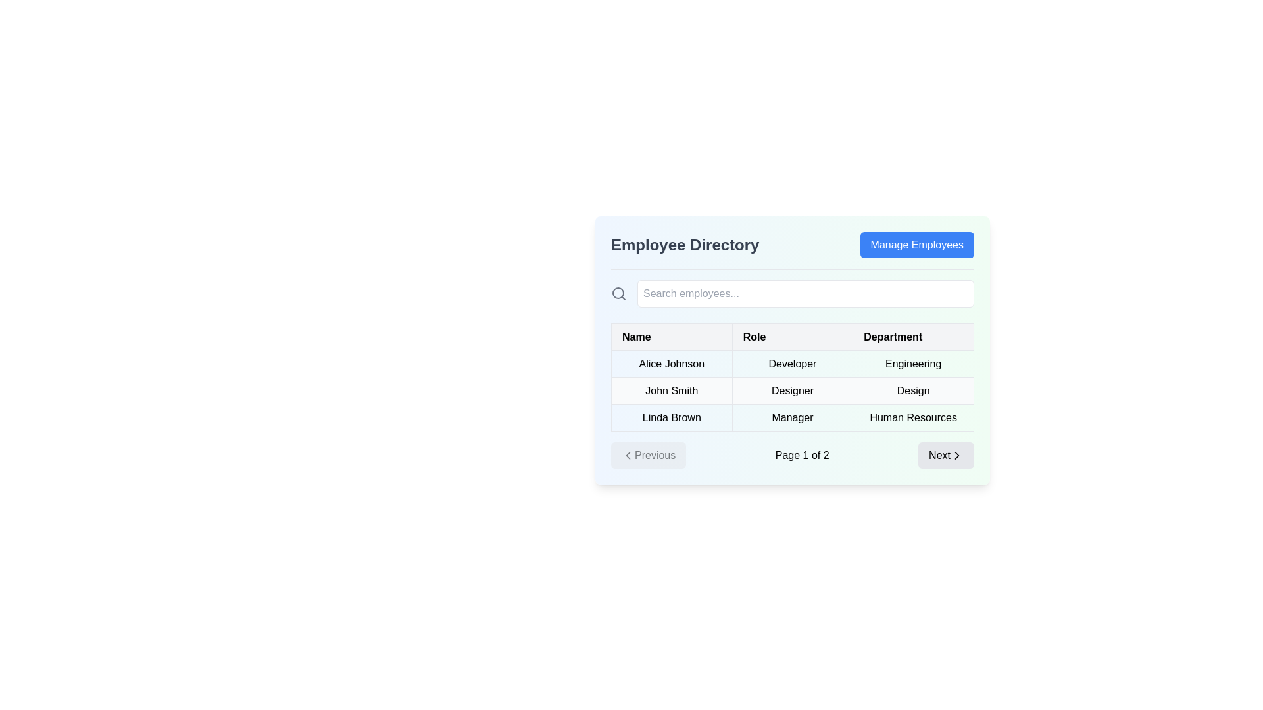 The height and width of the screenshot is (710, 1263). I want to click on the leftmost button in the pagination controls, so click(649, 455).